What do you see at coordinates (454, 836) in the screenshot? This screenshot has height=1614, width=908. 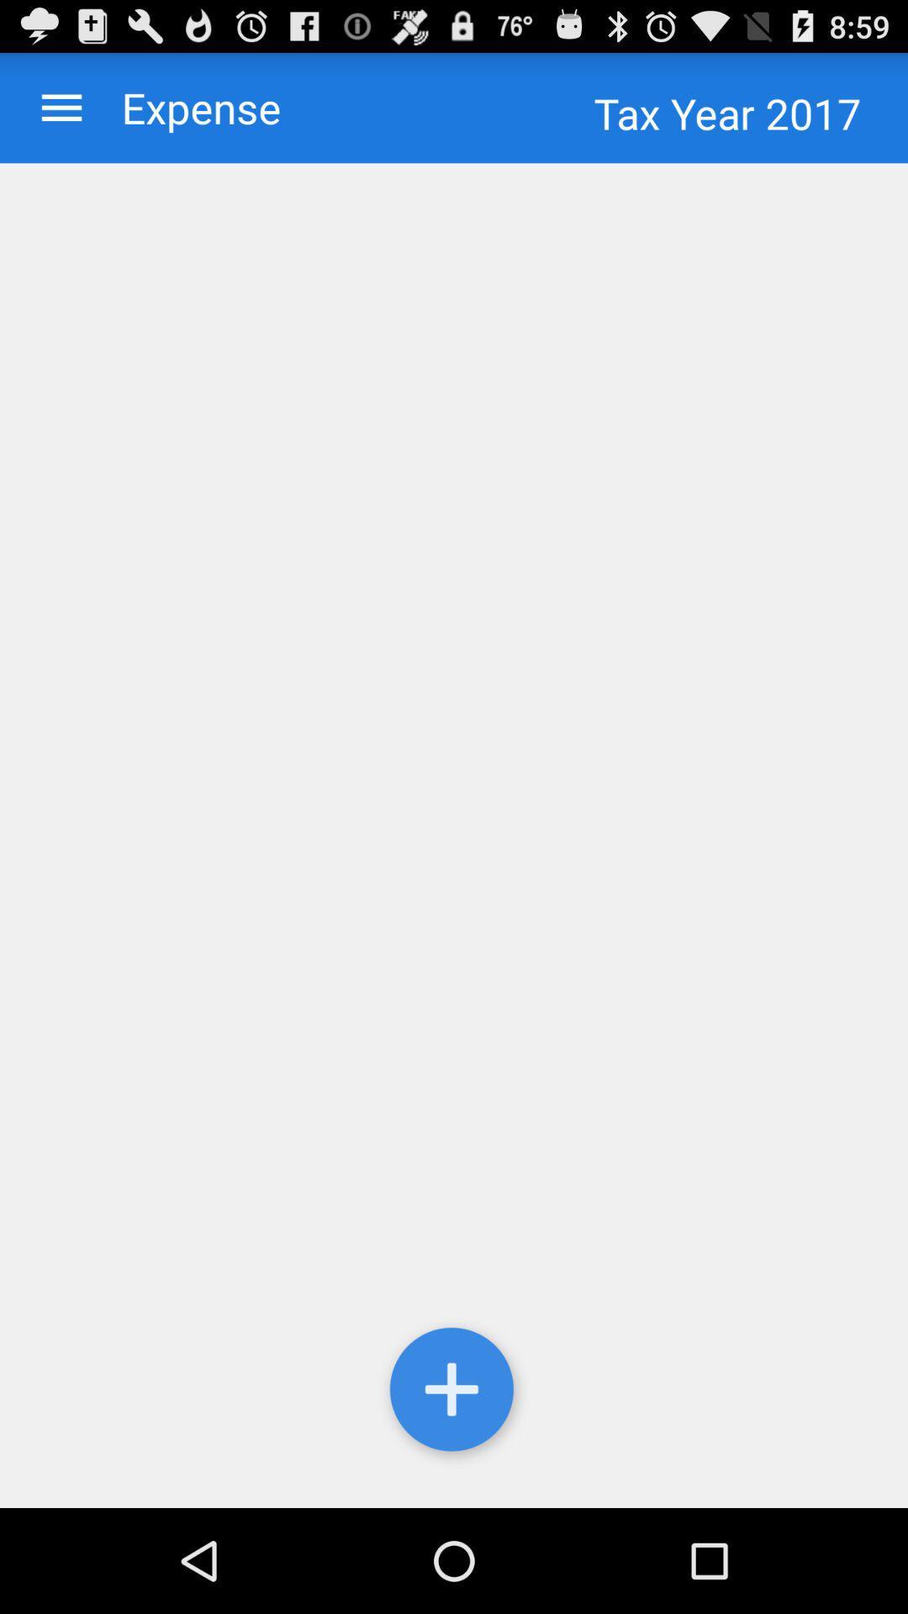 I see `blank page` at bounding box center [454, 836].